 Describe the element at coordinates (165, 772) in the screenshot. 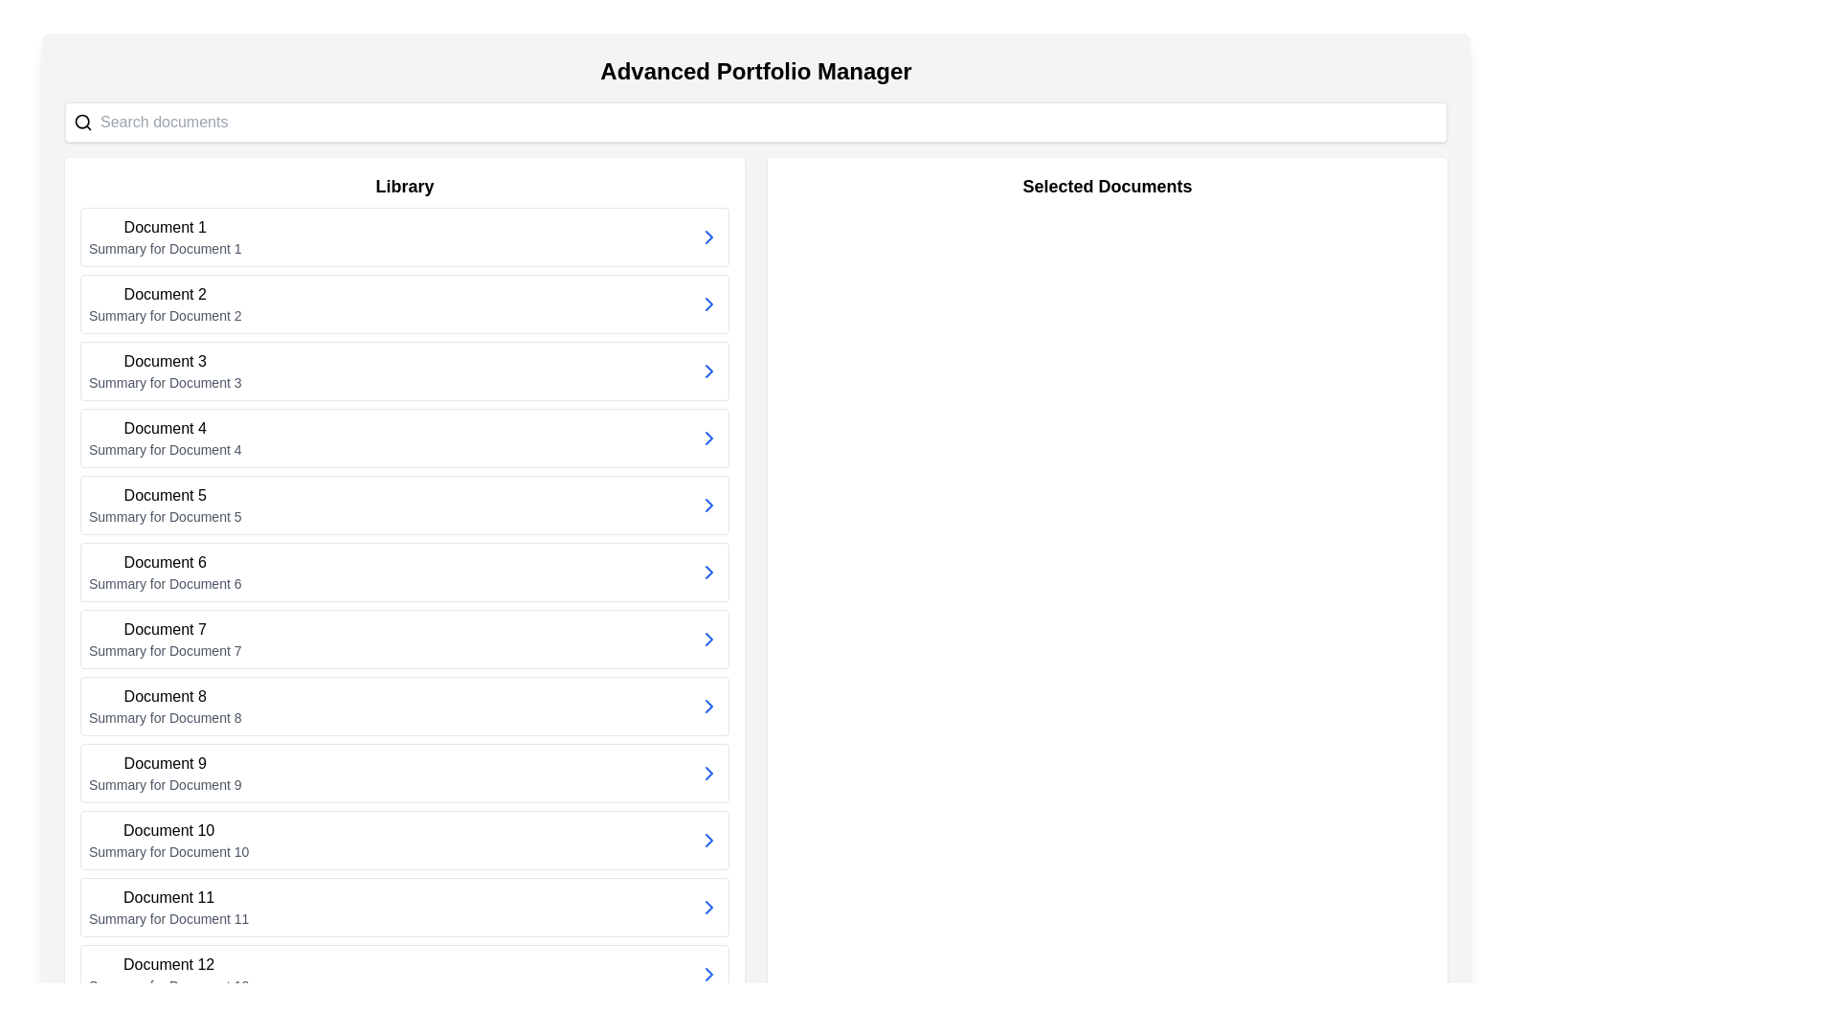

I see `the composite UI component displaying 'Document 9' and 'Summary for Document 9' in the Library section, part of the ninth list item` at that location.